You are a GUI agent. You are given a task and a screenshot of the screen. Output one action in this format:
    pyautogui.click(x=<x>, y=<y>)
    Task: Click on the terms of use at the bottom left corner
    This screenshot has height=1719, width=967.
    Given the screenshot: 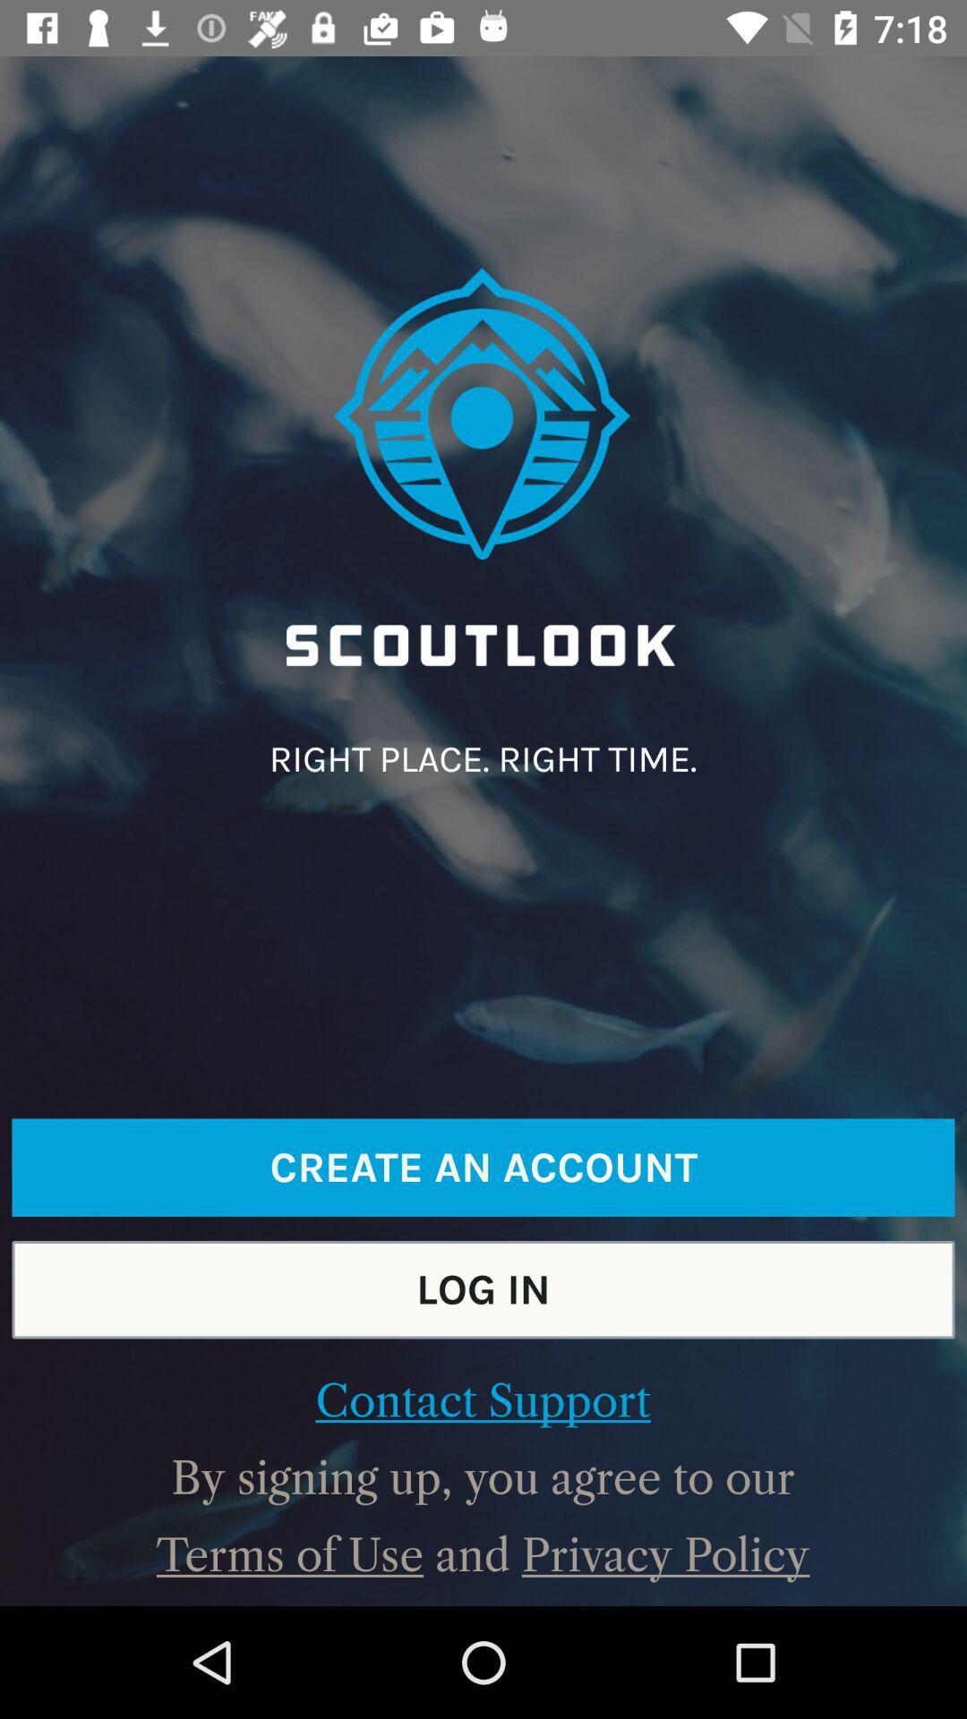 What is the action you would take?
    pyautogui.click(x=289, y=1554)
    